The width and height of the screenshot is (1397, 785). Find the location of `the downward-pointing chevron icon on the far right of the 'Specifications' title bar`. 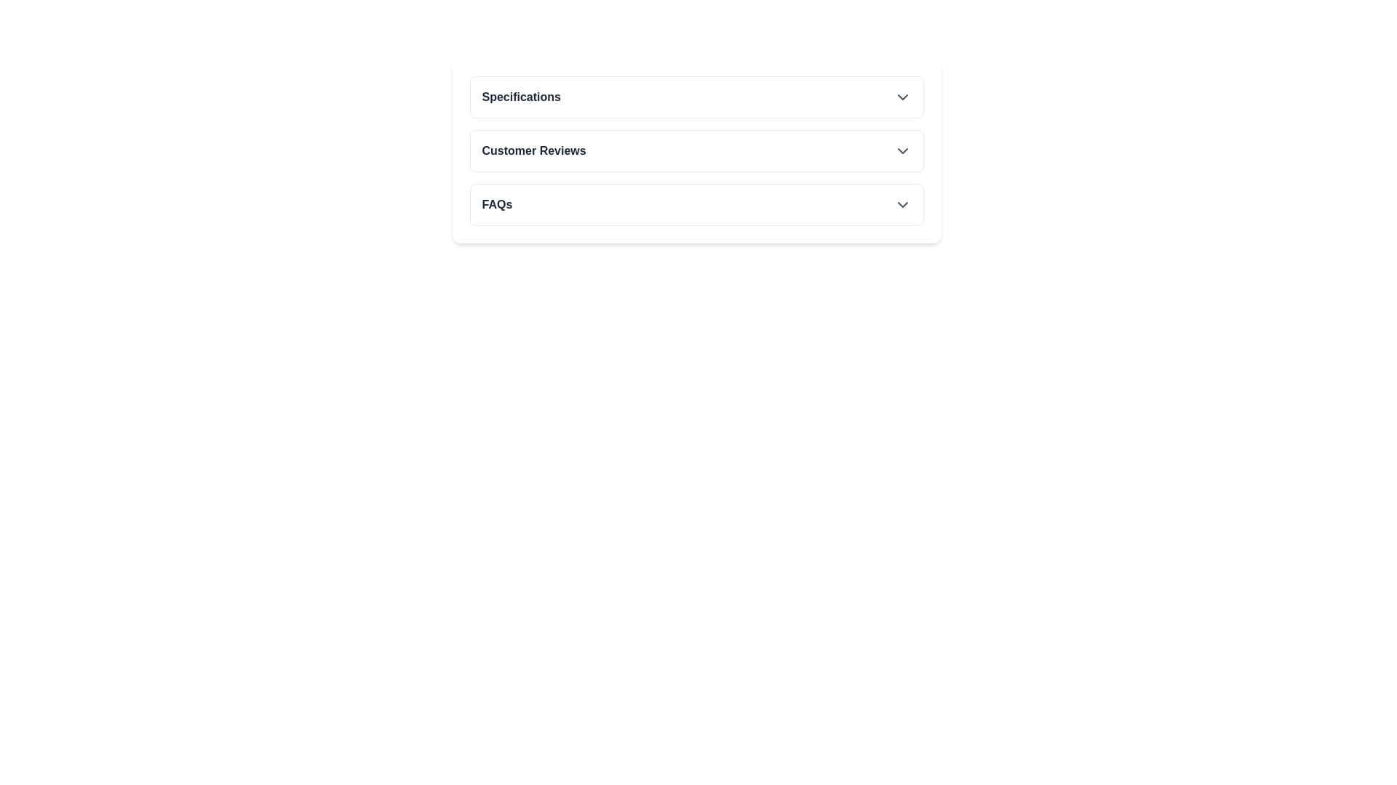

the downward-pointing chevron icon on the far right of the 'Specifications' title bar is located at coordinates (902, 97).